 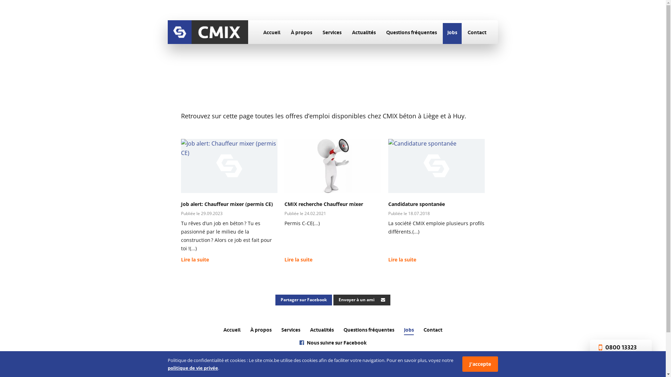 I want to click on 'Jobs', so click(x=452, y=34).